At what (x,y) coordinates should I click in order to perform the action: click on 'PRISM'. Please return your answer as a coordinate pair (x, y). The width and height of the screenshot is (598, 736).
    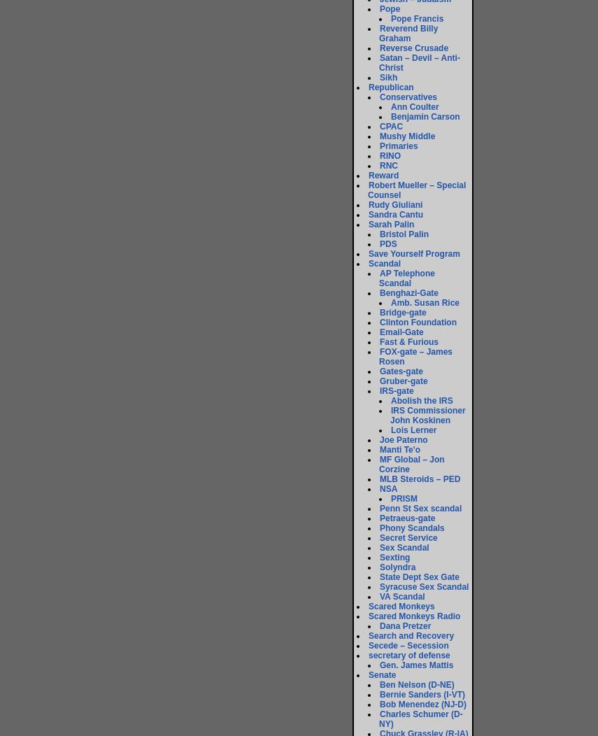
    Looking at the image, I should click on (403, 499).